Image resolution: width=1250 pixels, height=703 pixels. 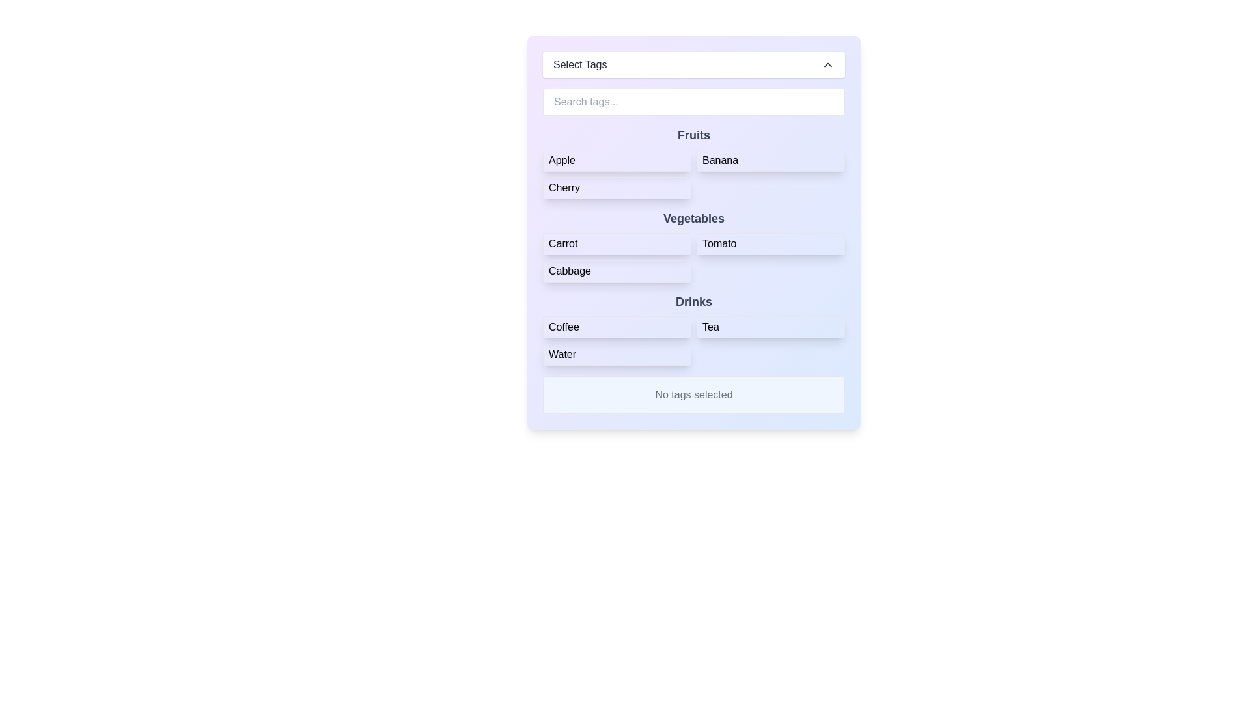 I want to click on the 'Drinks' label, which displays the word 'Drinks' in bold, dark-gray uppercase text, located on the right side of the interface above the buttons labeled 'Coffee,' 'Tea,' and 'Water.', so click(x=693, y=301).